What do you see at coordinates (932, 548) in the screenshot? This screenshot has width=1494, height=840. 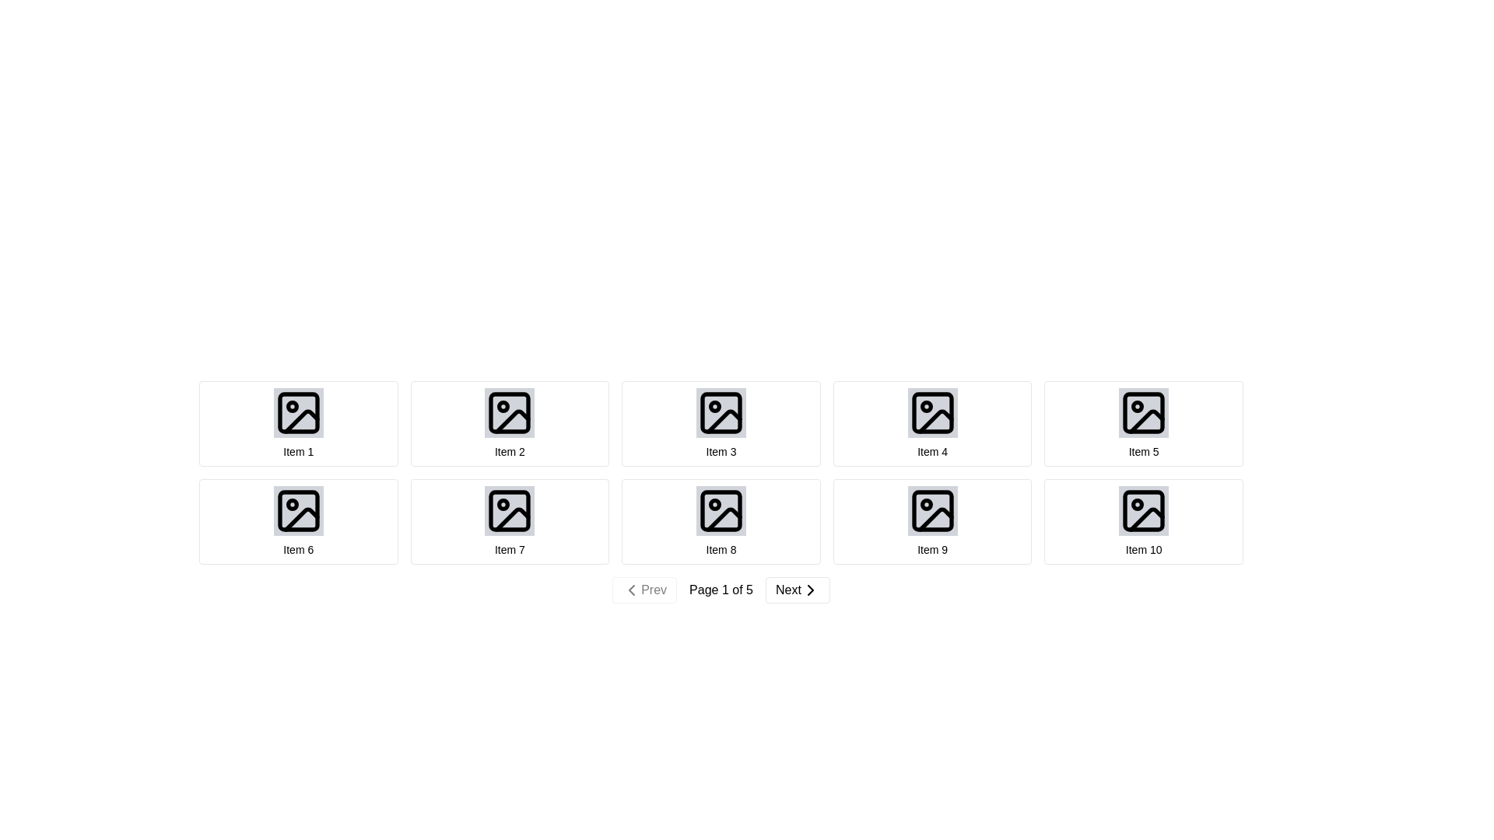 I see `the text label located in the third row and second column of the grid's second segment, positioned below the placeholder image` at bounding box center [932, 548].